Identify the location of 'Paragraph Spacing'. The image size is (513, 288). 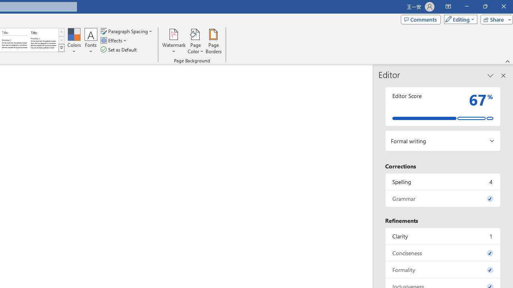
(127, 31).